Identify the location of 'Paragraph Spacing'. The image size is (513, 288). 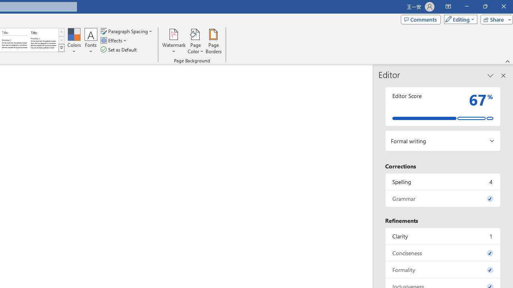
(127, 31).